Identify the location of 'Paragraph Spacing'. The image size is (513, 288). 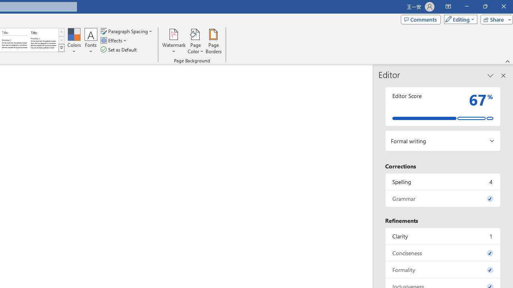
(127, 31).